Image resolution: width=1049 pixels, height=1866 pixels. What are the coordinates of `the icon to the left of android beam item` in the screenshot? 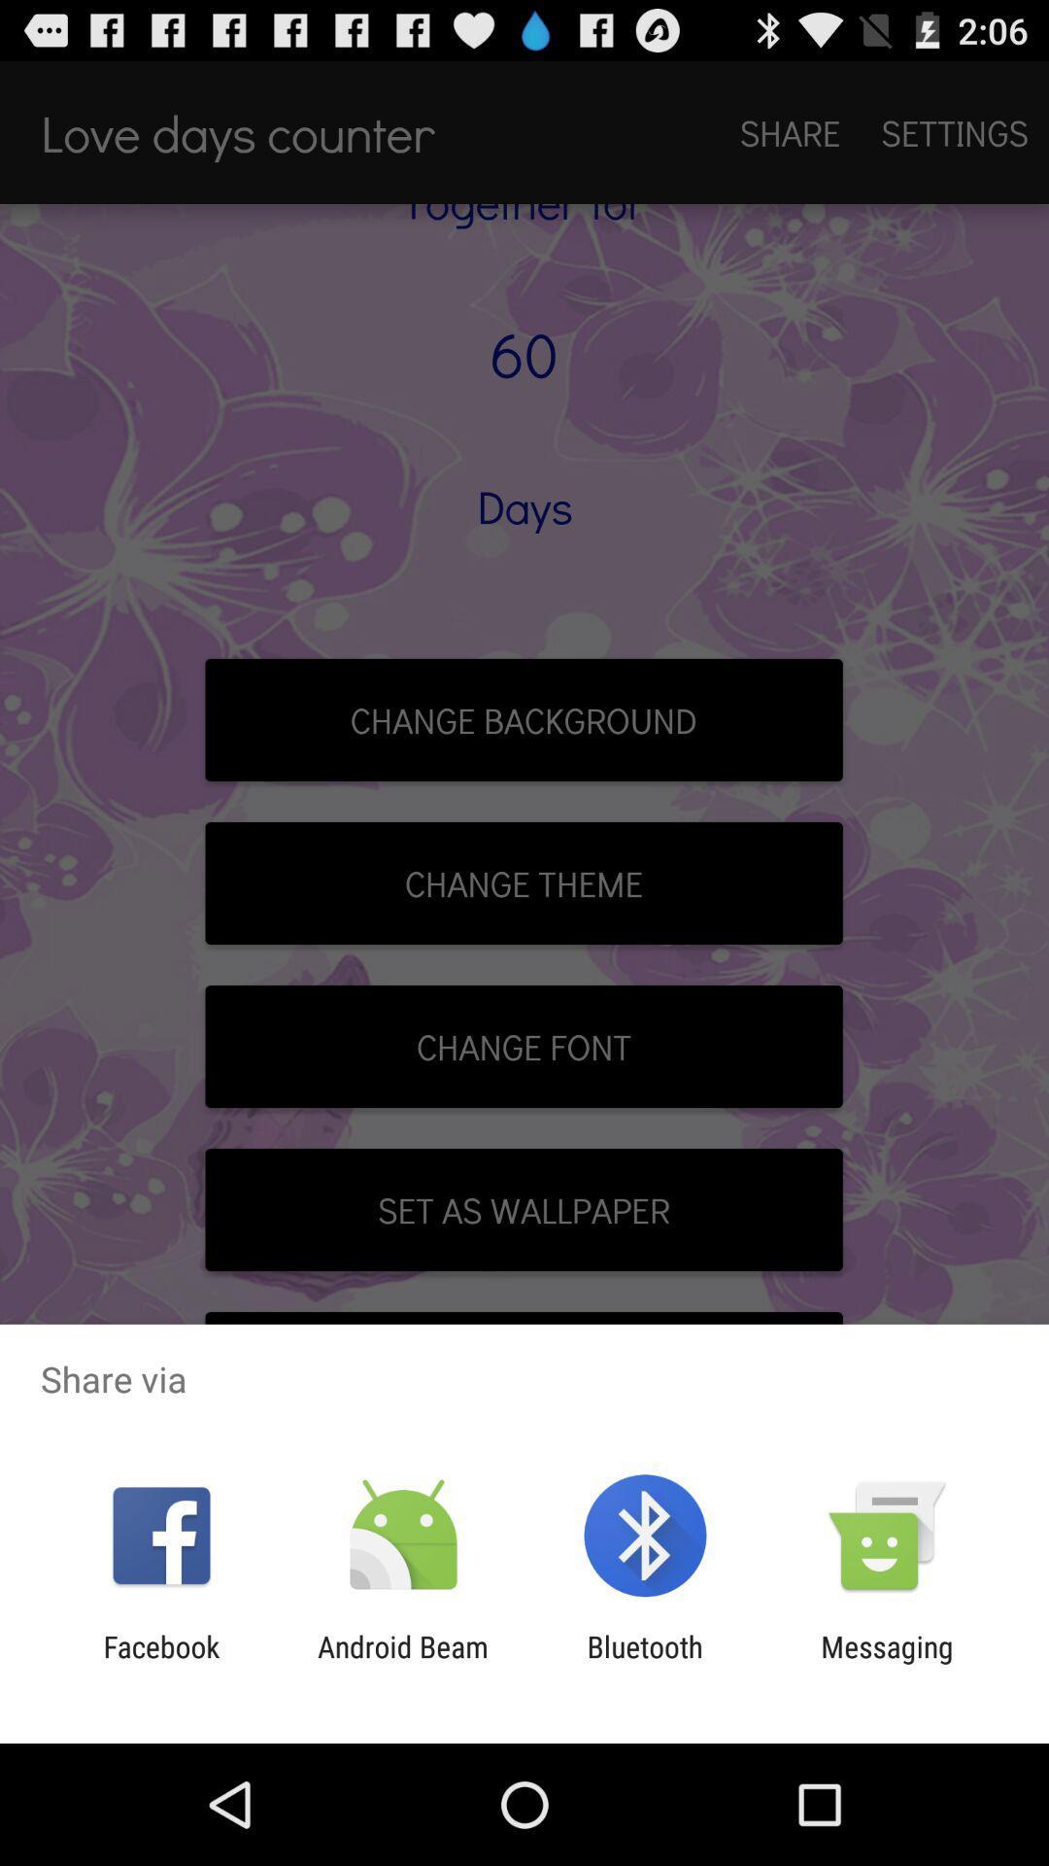 It's located at (160, 1663).